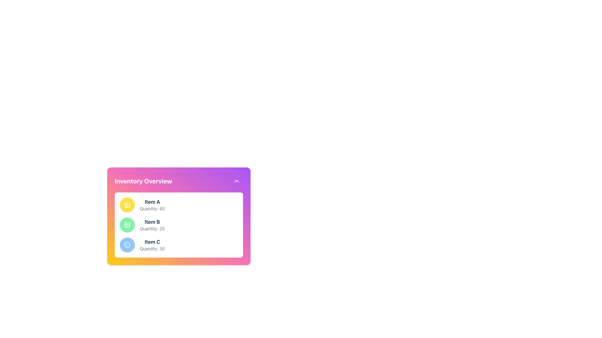 Image resolution: width=602 pixels, height=338 pixels. What do you see at coordinates (152, 224) in the screenshot?
I see `the second item in the inventory display, which provides the name and quantity of an item, positioned below 'Item A' and above 'Item C'` at bounding box center [152, 224].